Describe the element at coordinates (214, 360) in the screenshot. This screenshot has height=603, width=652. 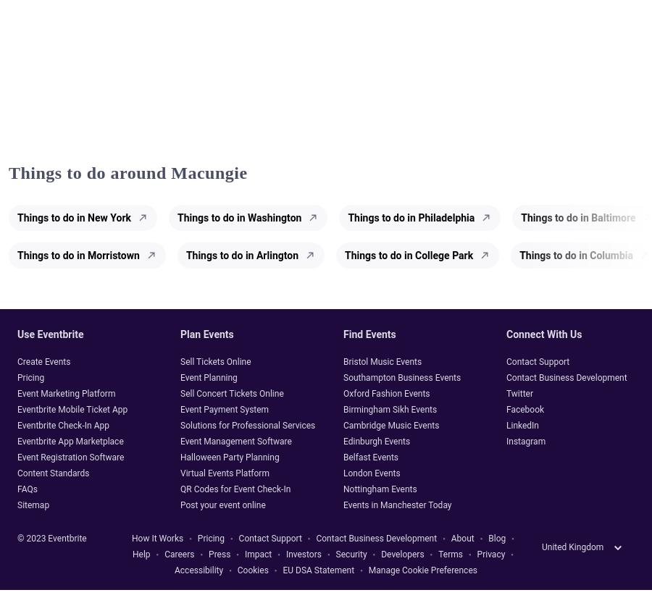
I see `'Sell Tickets Online'` at that location.